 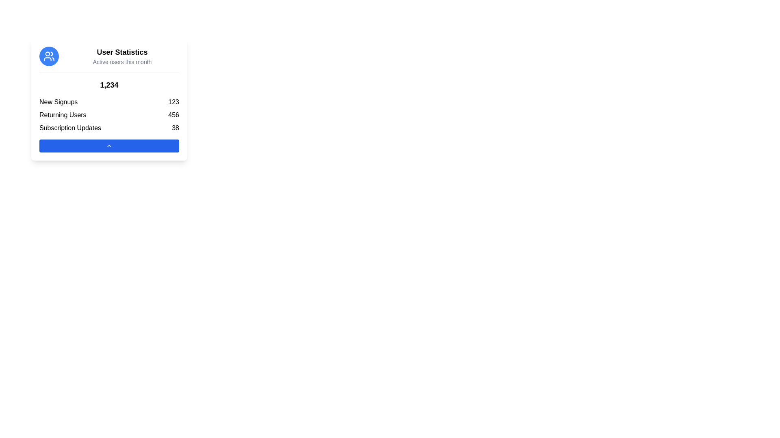 I want to click on the rectangular button with a blue background and a downward-pointing chevron icon, located at the lower section of the card after the 'Subscription Updates' section, so click(x=108, y=145).